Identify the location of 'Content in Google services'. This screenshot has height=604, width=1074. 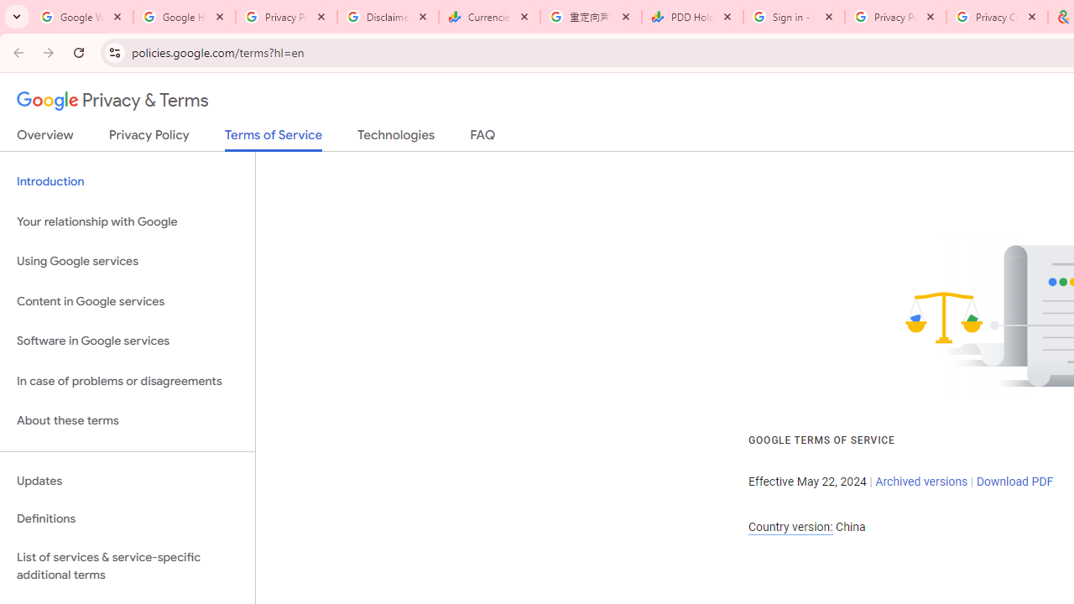
(127, 300).